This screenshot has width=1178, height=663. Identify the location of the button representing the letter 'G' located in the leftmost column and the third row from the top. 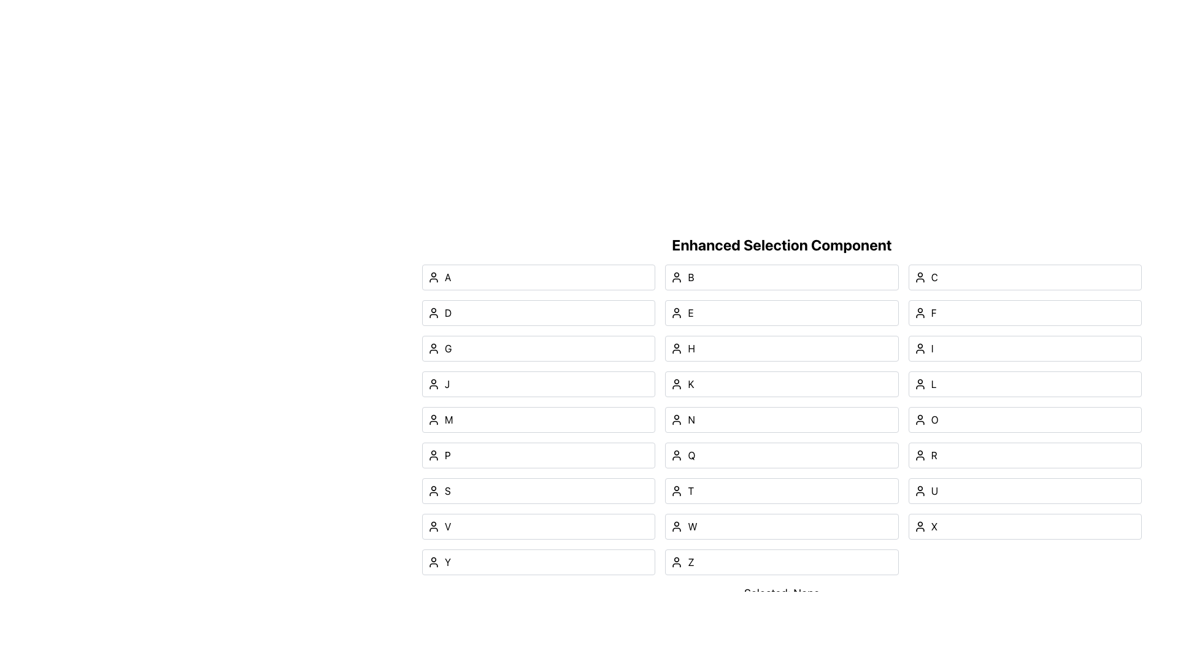
(539, 348).